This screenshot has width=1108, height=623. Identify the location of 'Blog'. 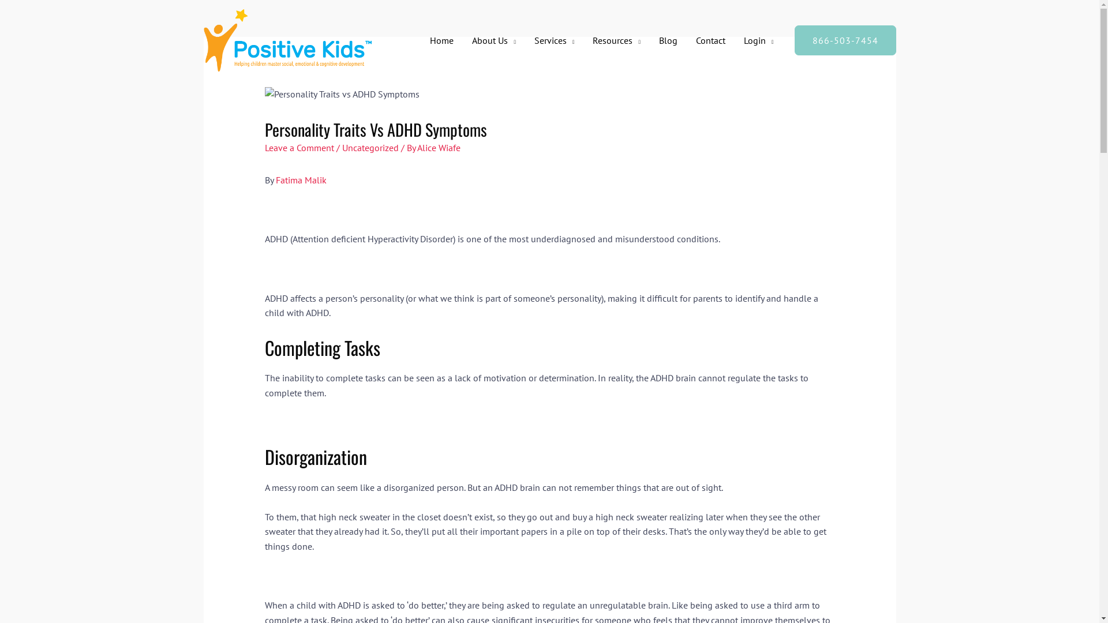
(668, 39).